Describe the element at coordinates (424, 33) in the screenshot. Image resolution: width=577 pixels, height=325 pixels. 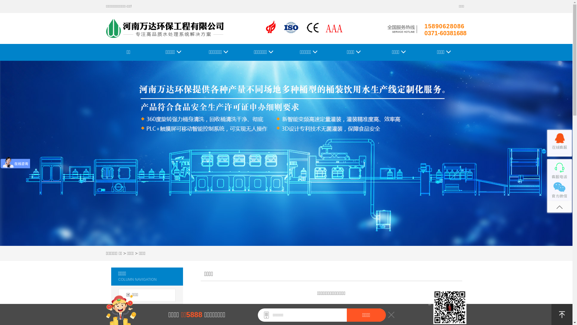
I see `'0371-60381688'` at that location.